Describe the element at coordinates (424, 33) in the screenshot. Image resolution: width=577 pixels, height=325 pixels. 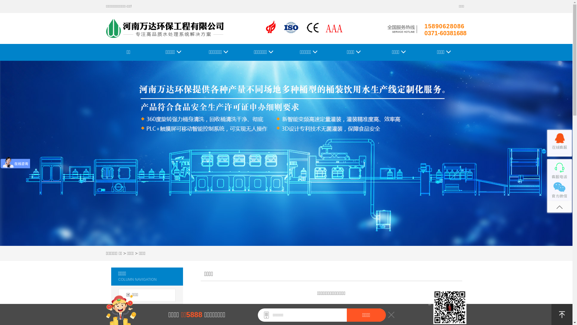
I see `'0371-60381688'` at that location.